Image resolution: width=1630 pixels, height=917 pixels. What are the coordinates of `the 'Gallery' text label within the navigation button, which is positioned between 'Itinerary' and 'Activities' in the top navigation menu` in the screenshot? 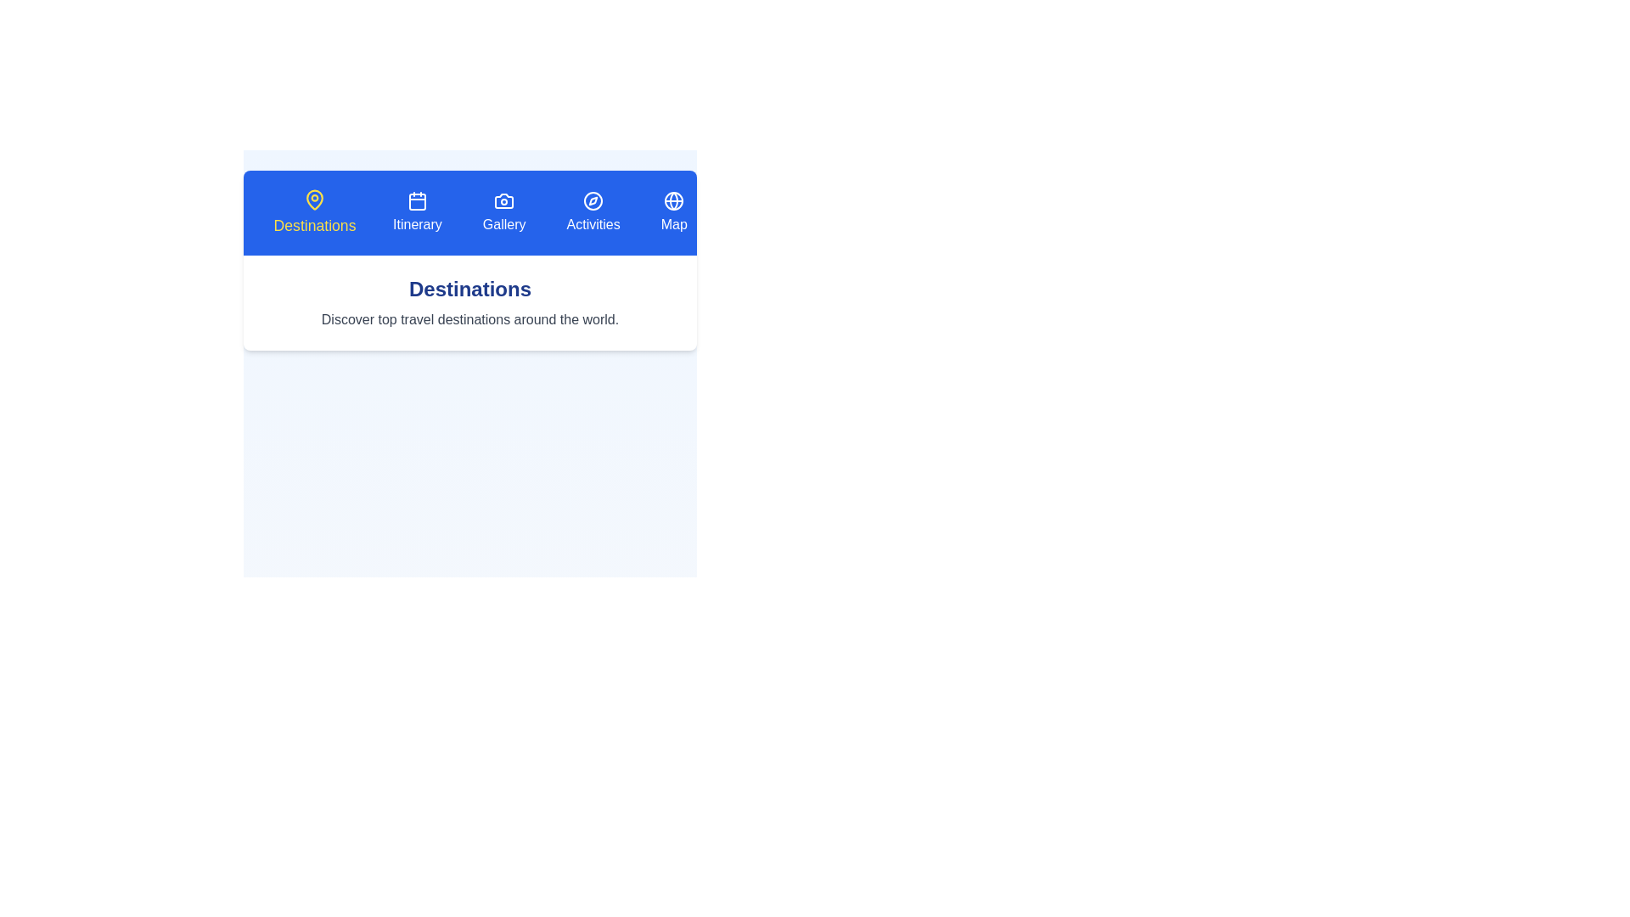 It's located at (503, 224).